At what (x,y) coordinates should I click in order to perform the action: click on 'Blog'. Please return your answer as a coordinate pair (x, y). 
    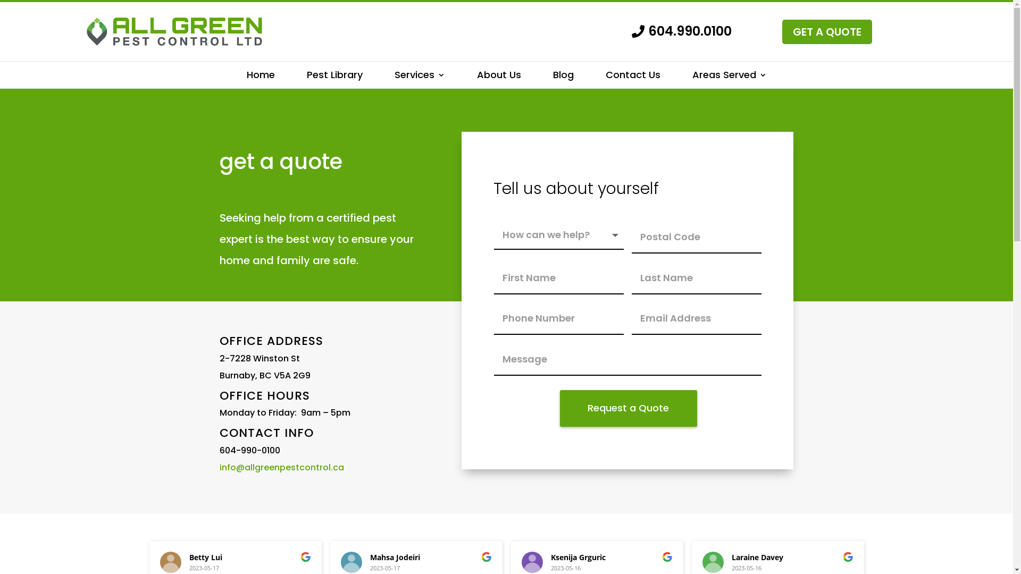
    Looking at the image, I should click on (563, 77).